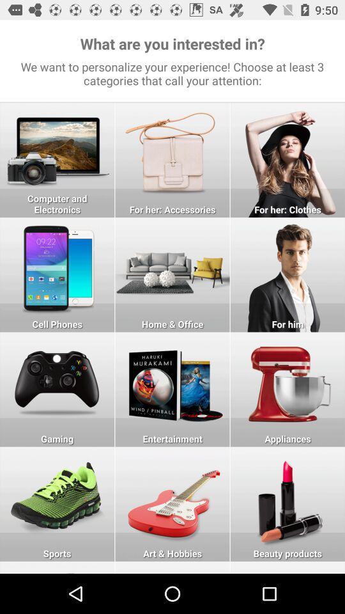  Describe the element at coordinates (172, 274) in the screenshot. I see `home office` at that location.